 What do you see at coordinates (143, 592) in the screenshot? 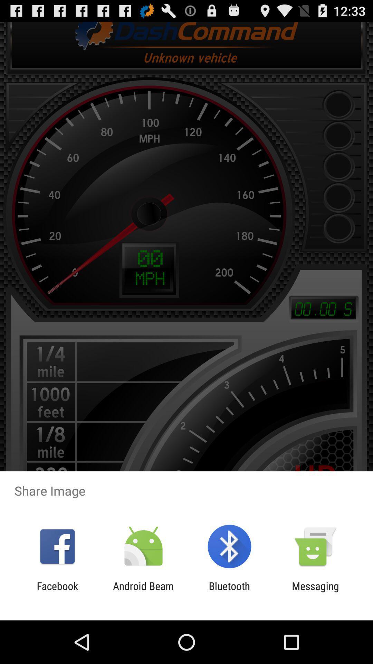
I see `the android beam item` at bounding box center [143, 592].